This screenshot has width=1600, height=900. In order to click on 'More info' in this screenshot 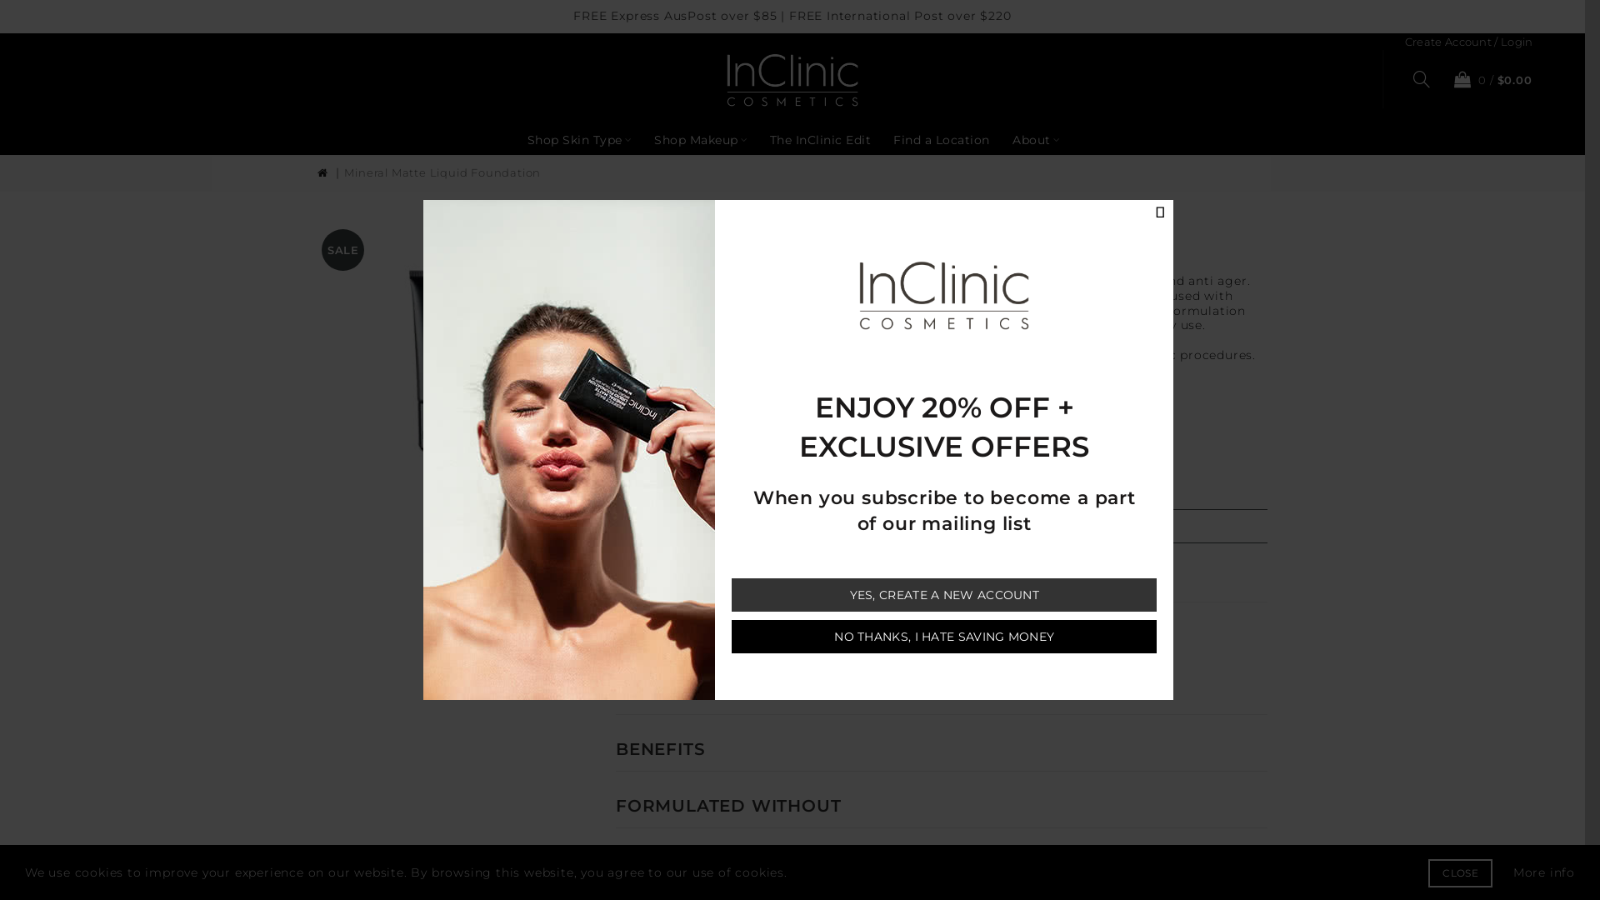, I will do `click(1512, 871)`.